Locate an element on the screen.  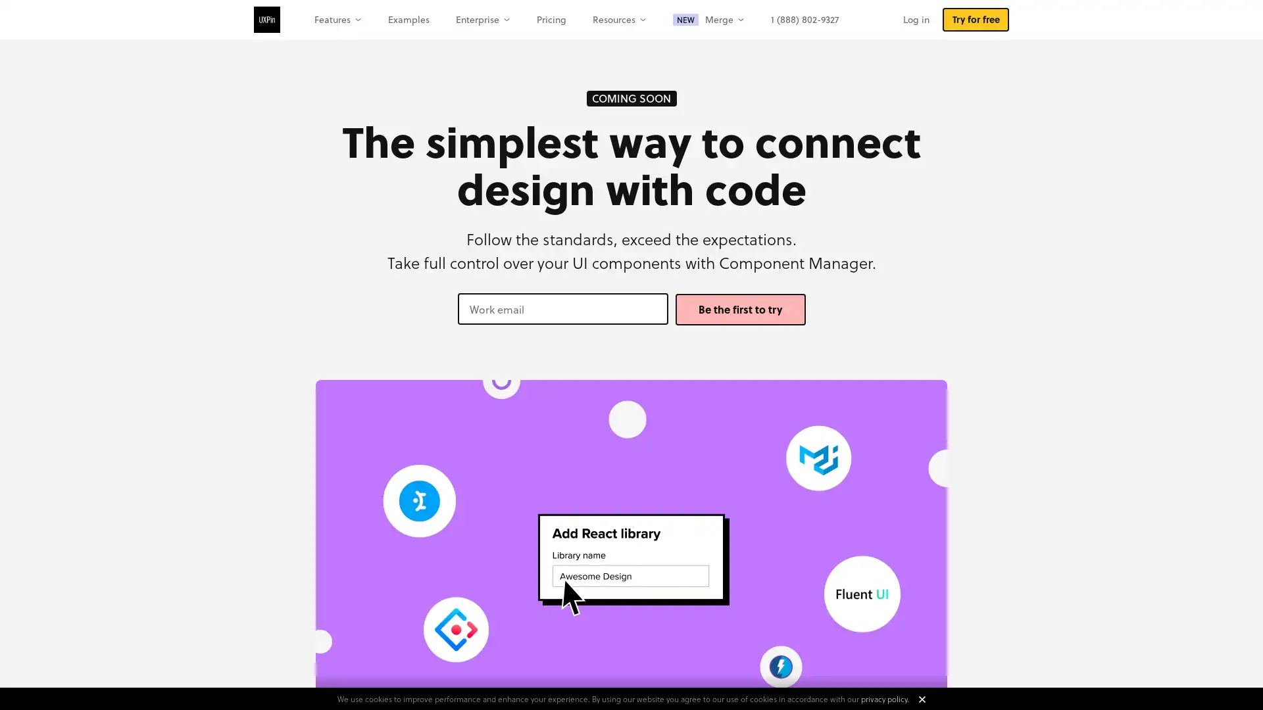
Close is located at coordinates (921, 699).